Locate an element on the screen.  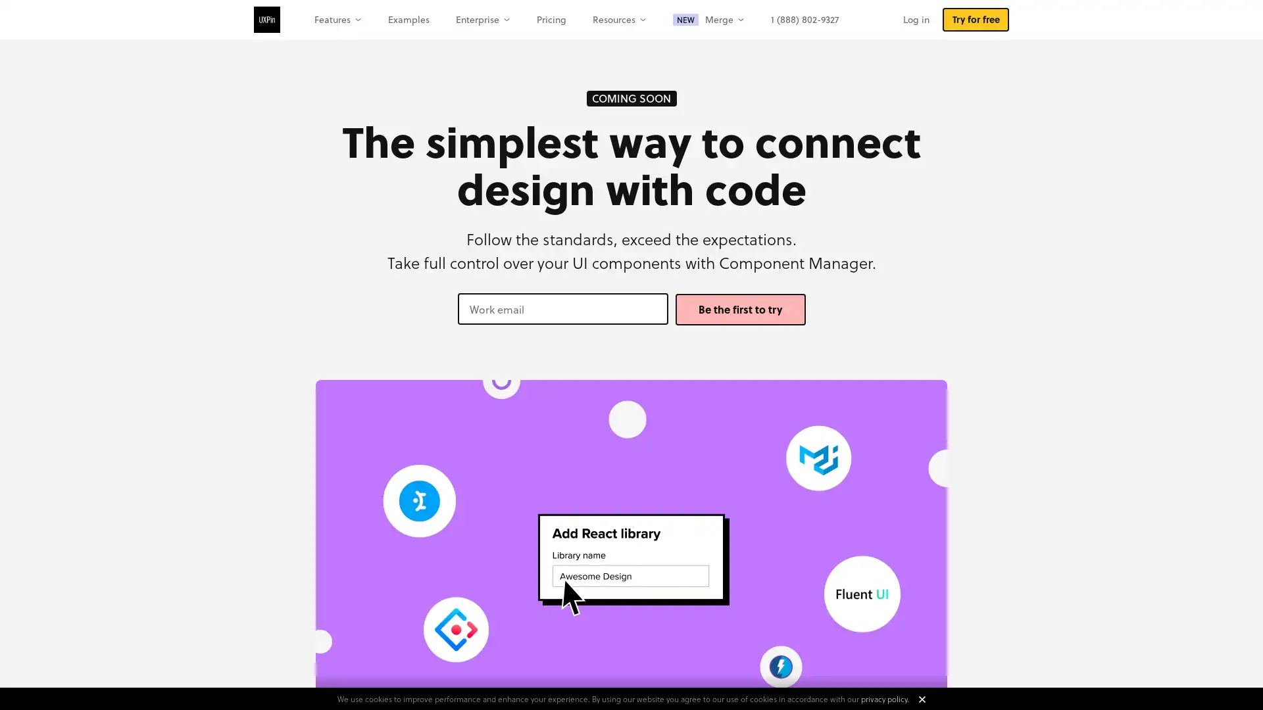
Close is located at coordinates (921, 699).